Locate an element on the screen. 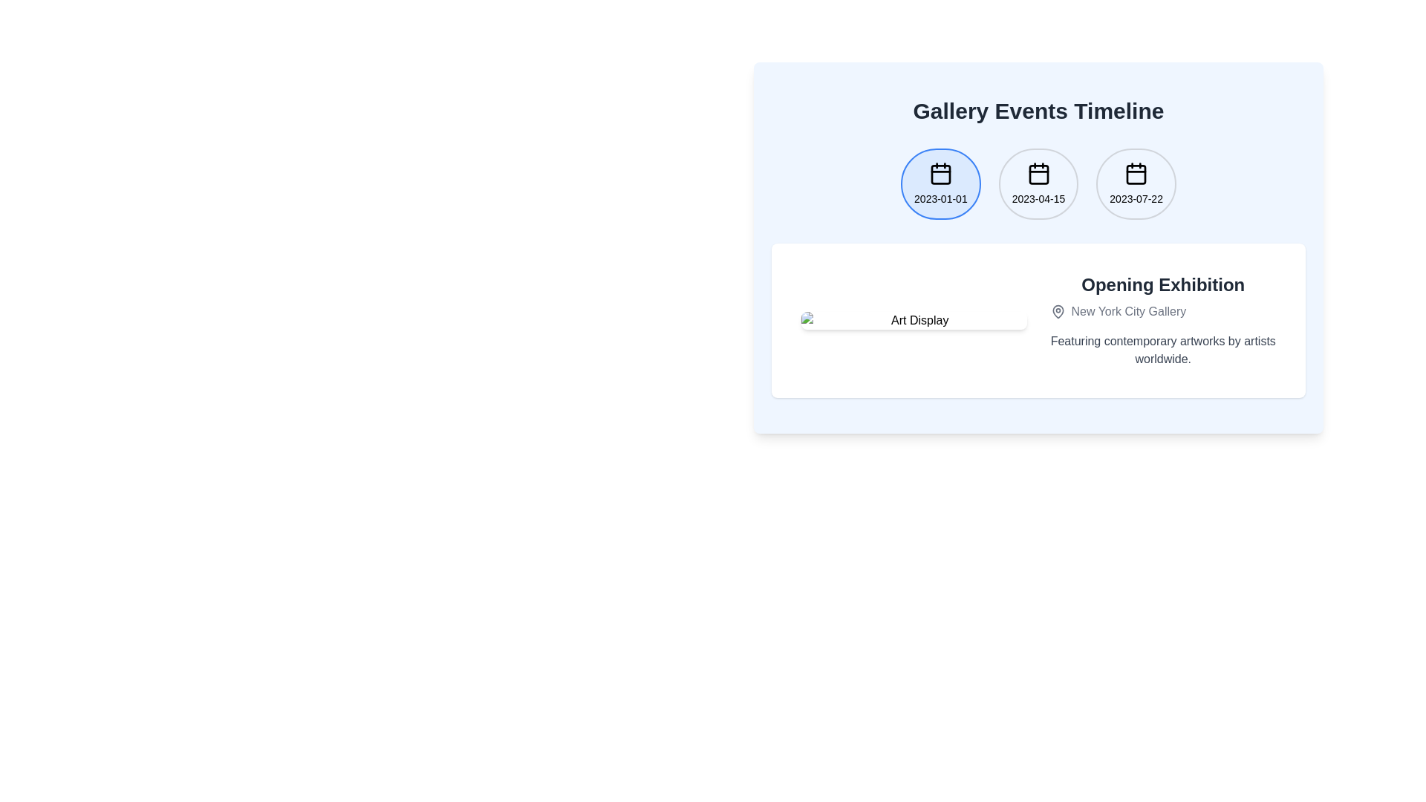  displayed date '2023-07-22' from the text label located in the top-right corner of the timeline section, directly below the calendar icon is located at coordinates (1136, 198).